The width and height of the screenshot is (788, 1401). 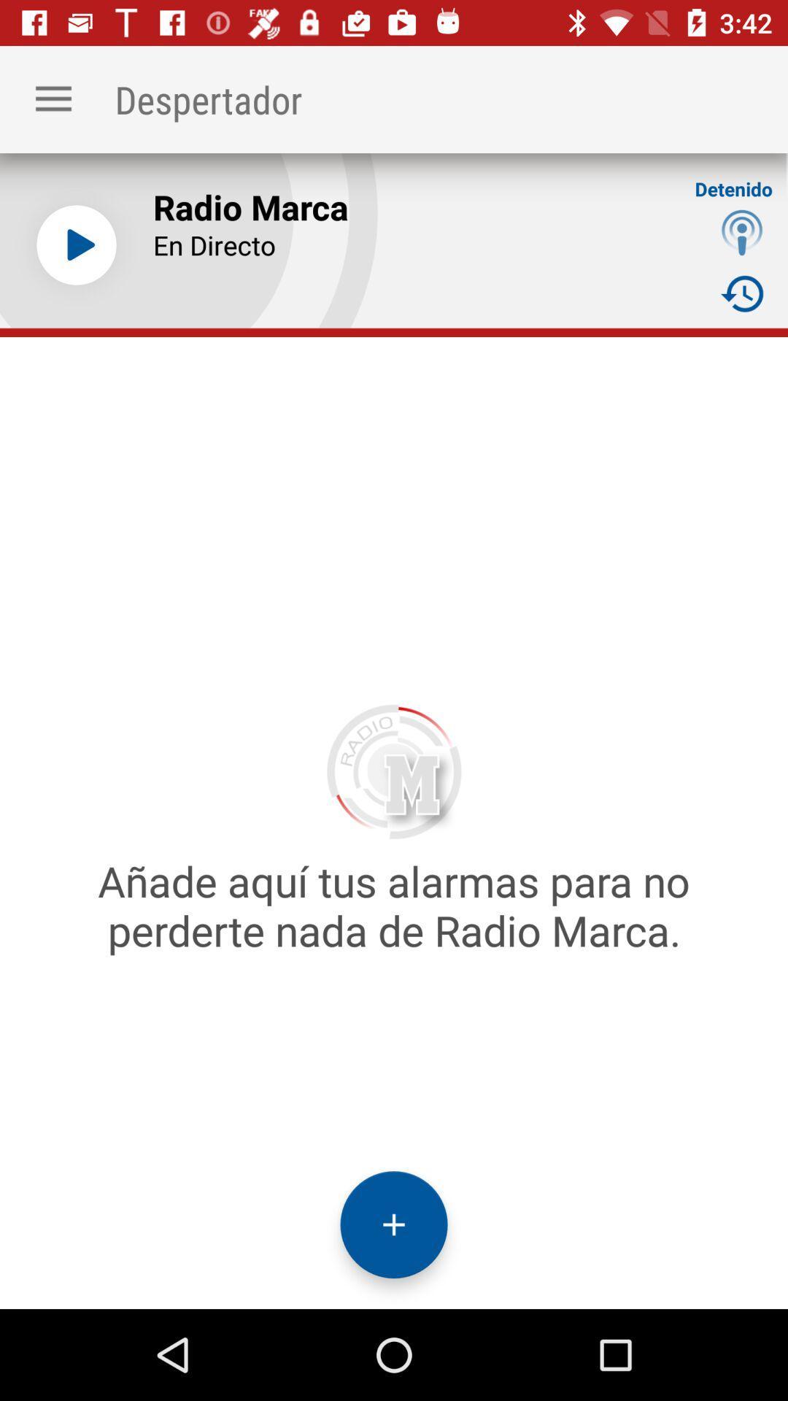 I want to click on add icon at the bottom, so click(x=394, y=1224).